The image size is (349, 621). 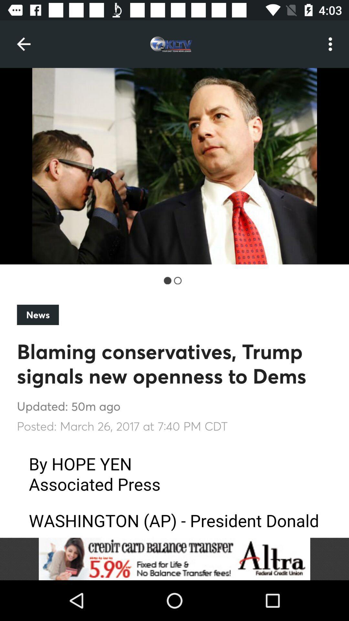 What do you see at coordinates (174, 559) in the screenshot?
I see `advertisement` at bounding box center [174, 559].